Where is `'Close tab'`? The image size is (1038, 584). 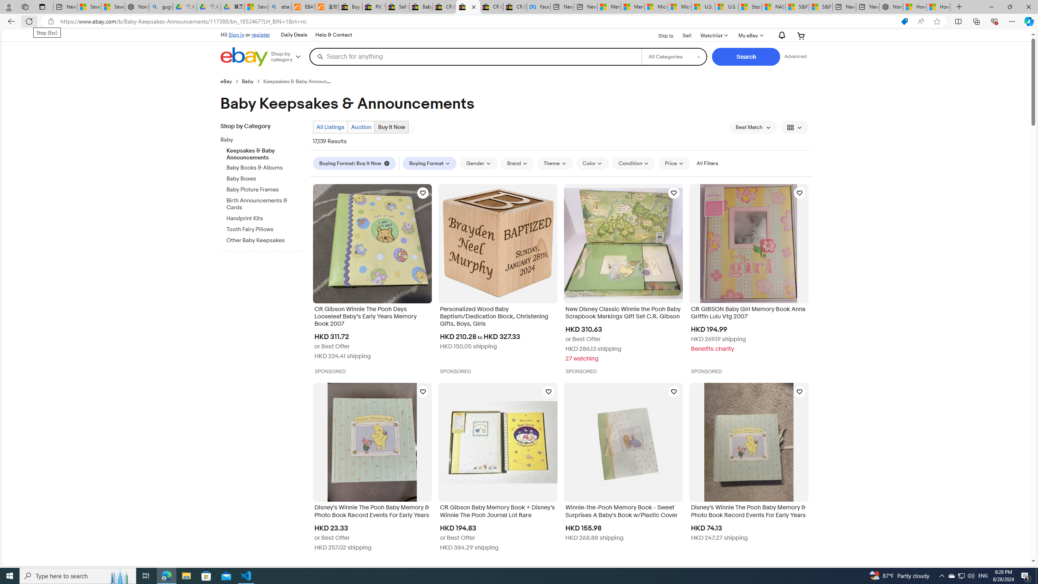
'Close tab' is located at coordinates (473, 6).